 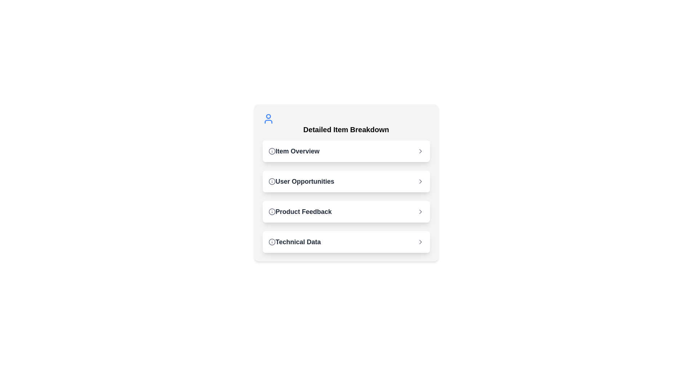 I want to click on the circular informational icon with a dot in the center, located to the left of the 'Item Overview' label in the first row under the 'Detailed Item Breakdown' section for additional information, so click(x=271, y=151).